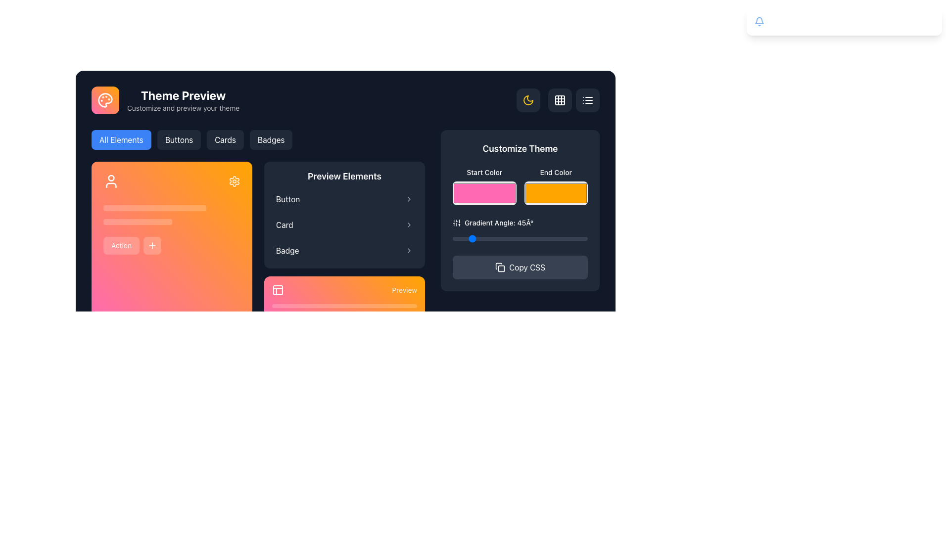  What do you see at coordinates (520, 230) in the screenshot?
I see `the label for the gradient angle adjustment option, located in the 'Customize Theme' section, above the 'Copy CSS' button` at bounding box center [520, 230].